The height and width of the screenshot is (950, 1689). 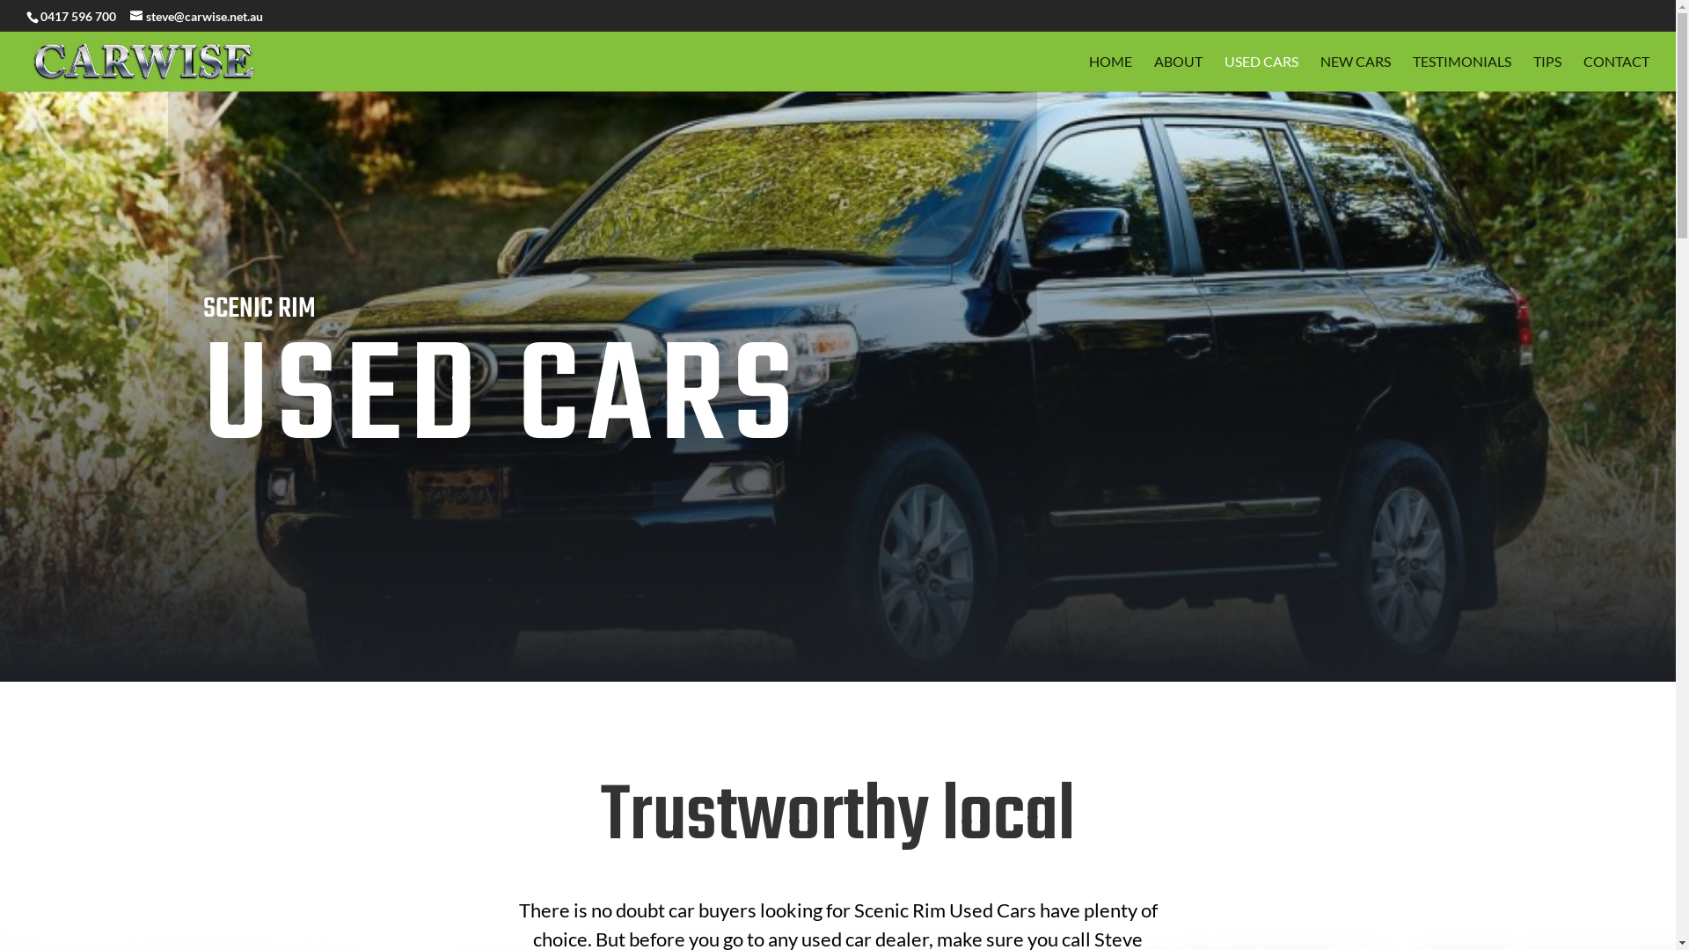 What do you see at coordinates (1616, 72) in the screenshot?
I see `'CONTACT'` at bounding box center [1616, 72].